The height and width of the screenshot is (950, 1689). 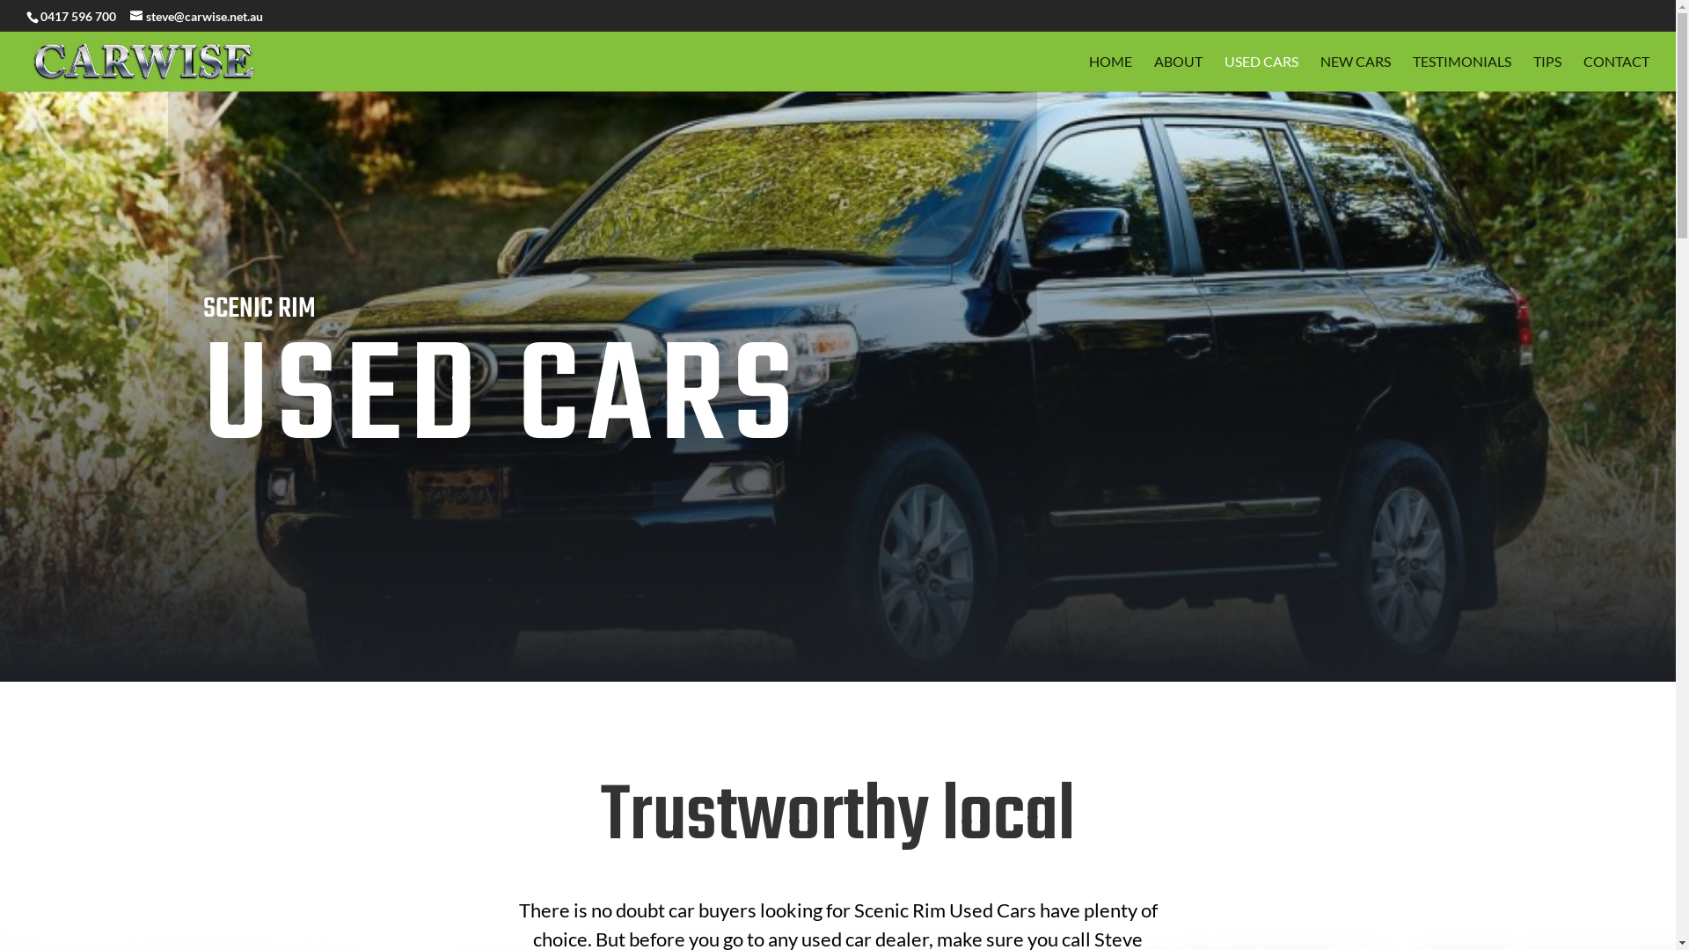 What do you see at coordinates (1616, 72) in the screenshot?
I see `'CONTACT'` at bounding box center [1616, 72].